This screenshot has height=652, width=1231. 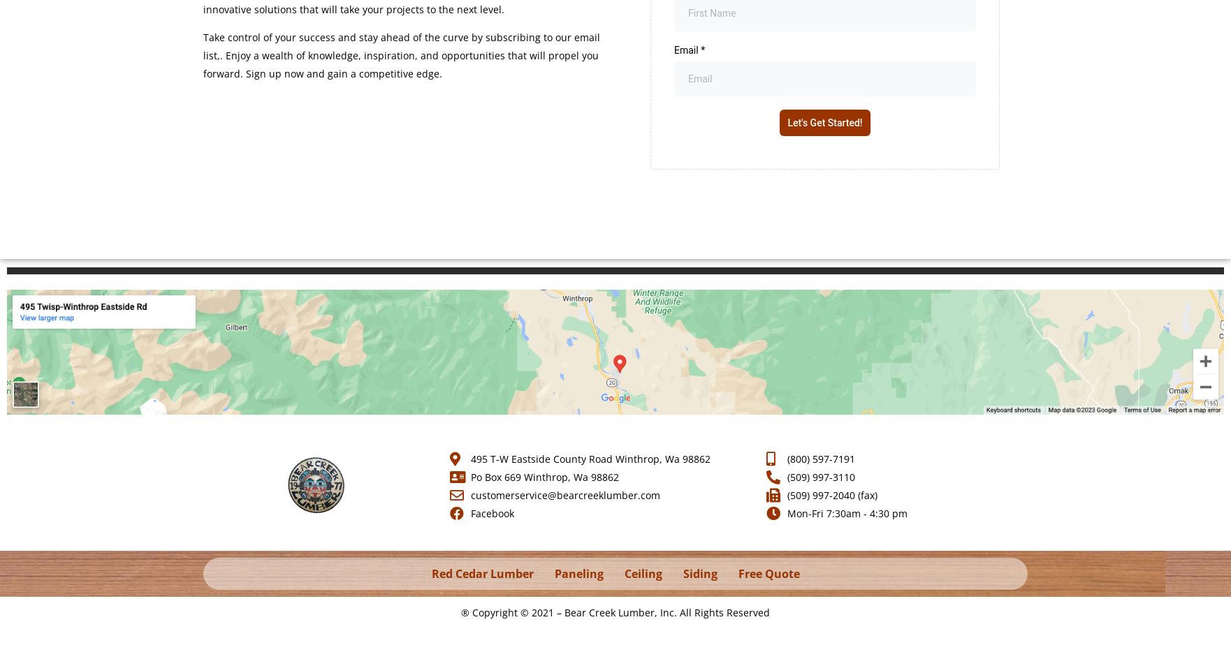 What do you see at coordinates (769, 572) in the screenshot?
I see `'Free Quote'` at bounding box center [769, 572].